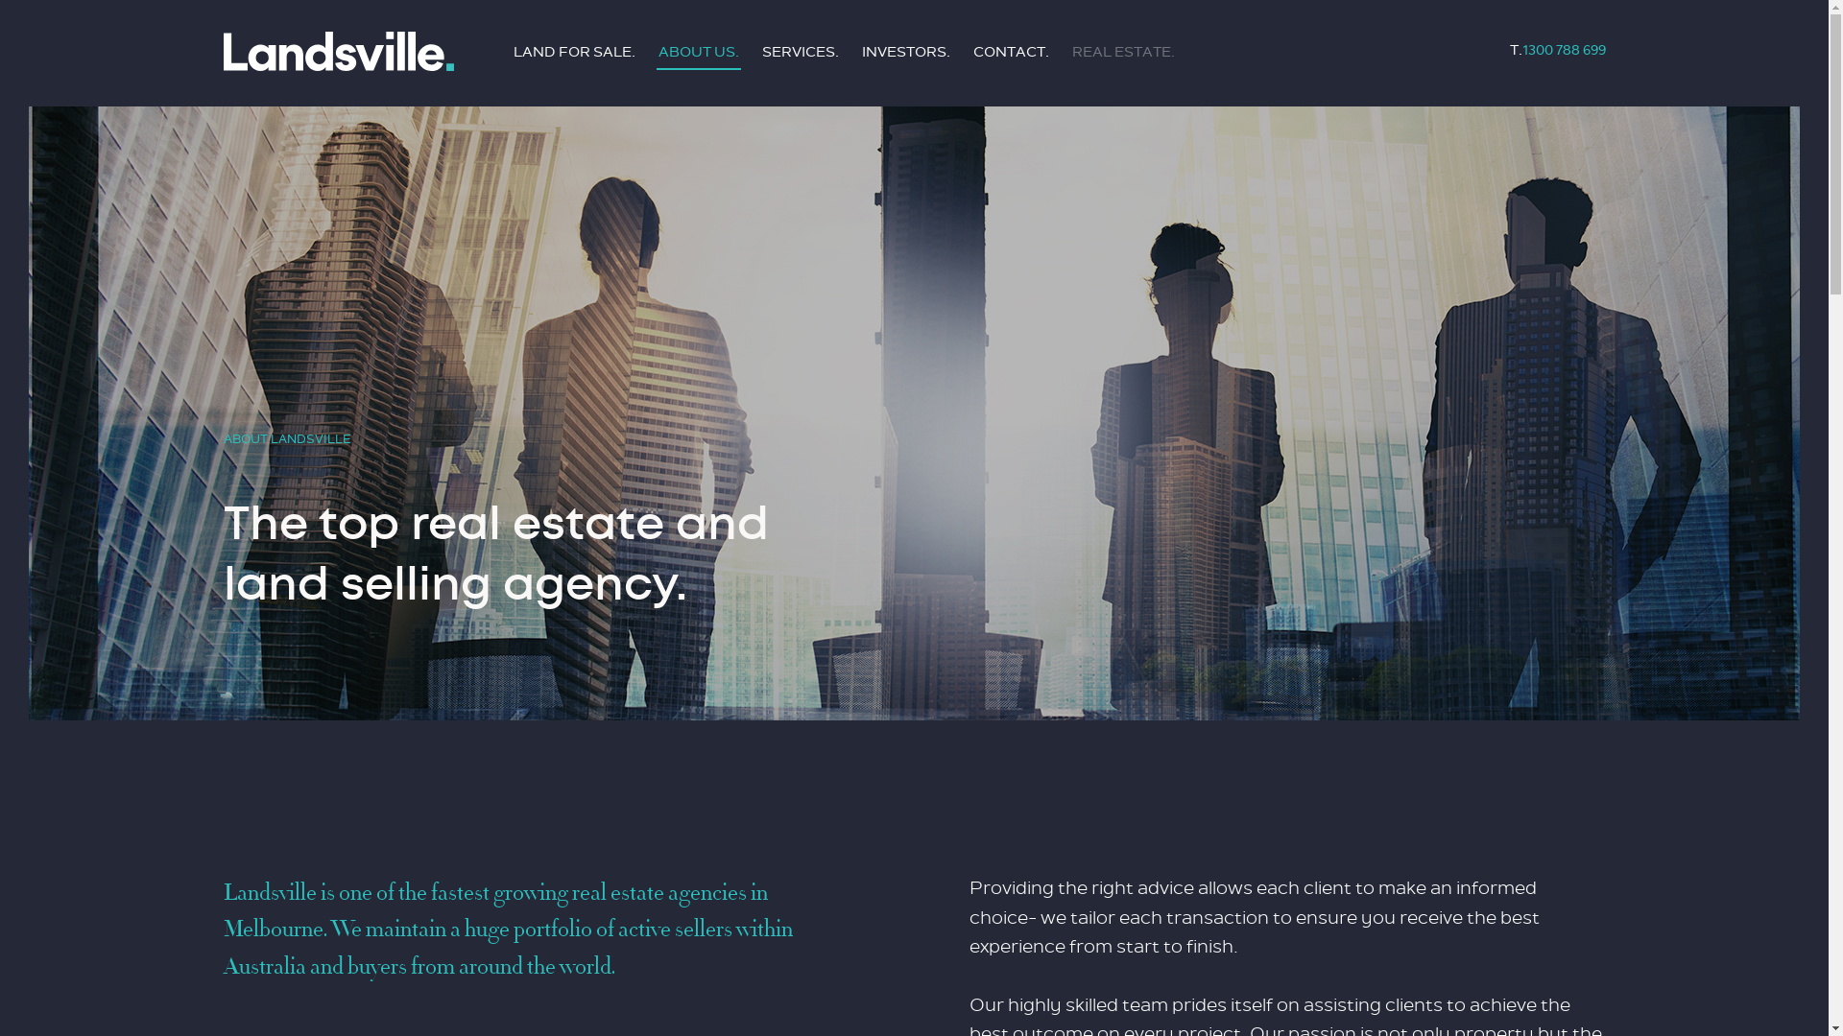  What do you see at coordinates (698, 51) in the screenshot?
I see `'ABOUT US.'` at bounding box center [698, 51].